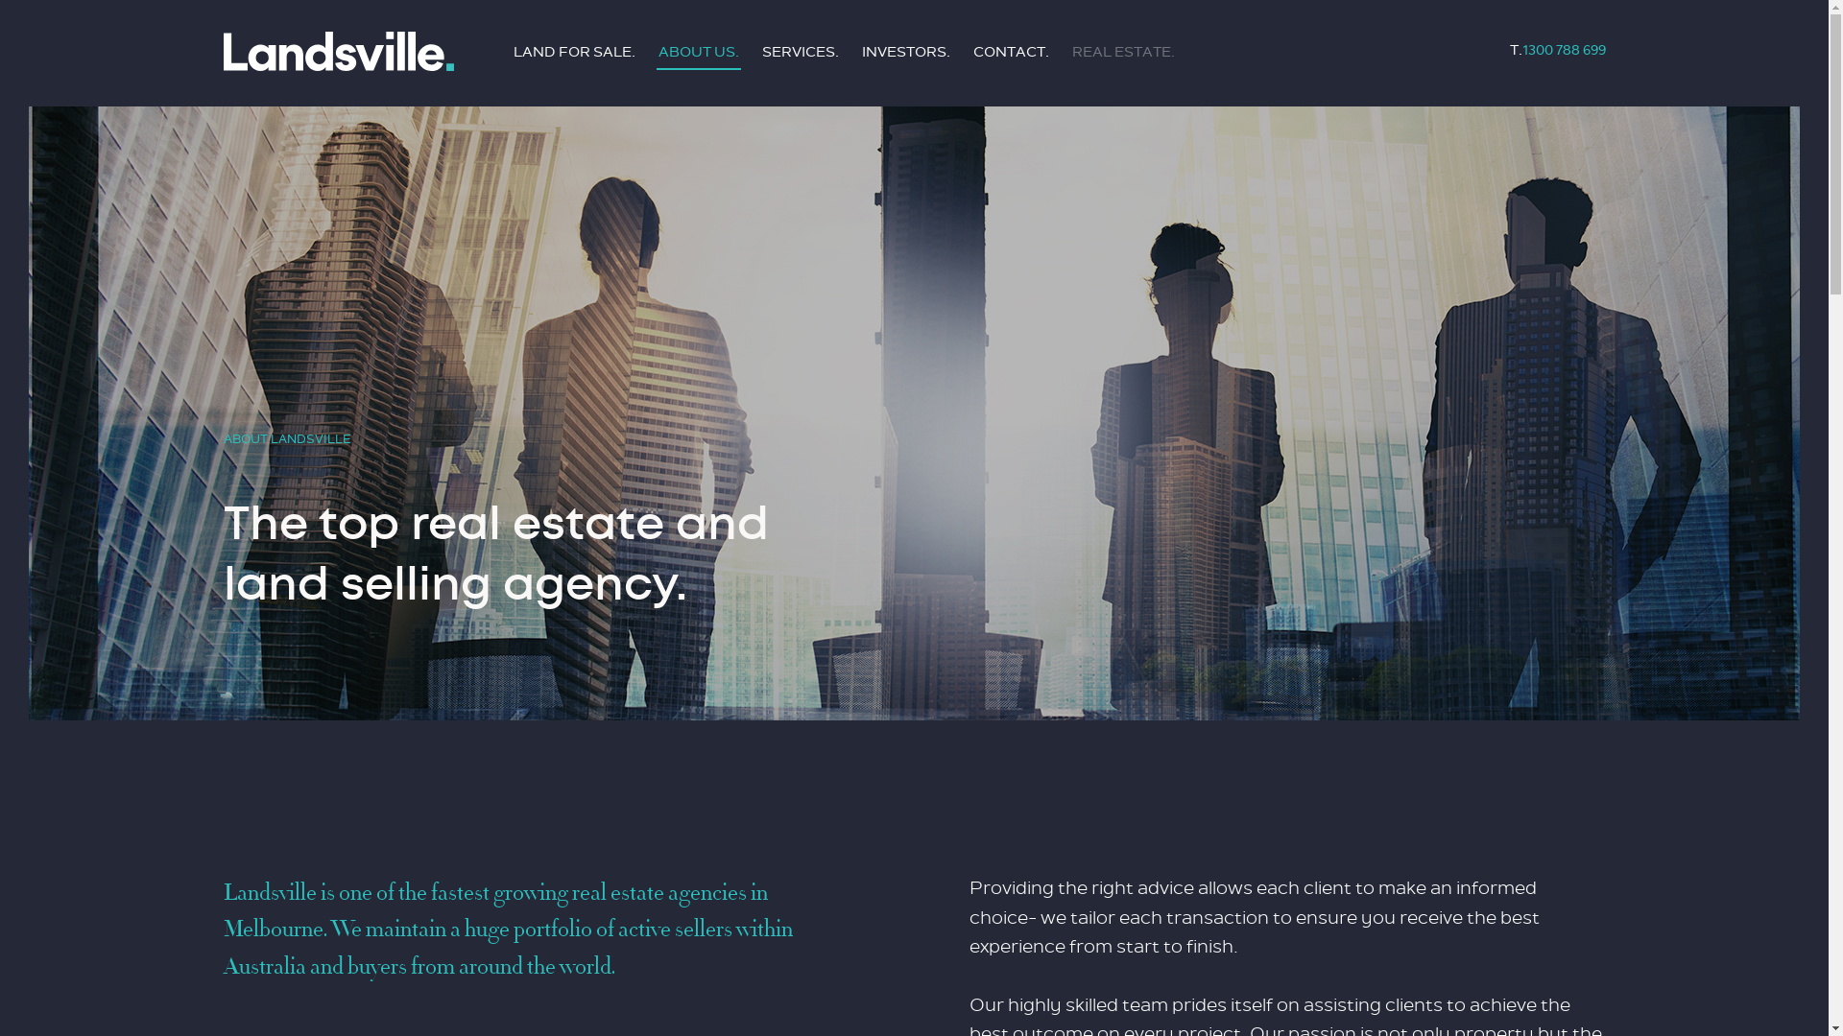  What do you see at coordinates (698, 51) in the screenshot?
I see `'ABOUT US.'` at bounding box center [698, 51].